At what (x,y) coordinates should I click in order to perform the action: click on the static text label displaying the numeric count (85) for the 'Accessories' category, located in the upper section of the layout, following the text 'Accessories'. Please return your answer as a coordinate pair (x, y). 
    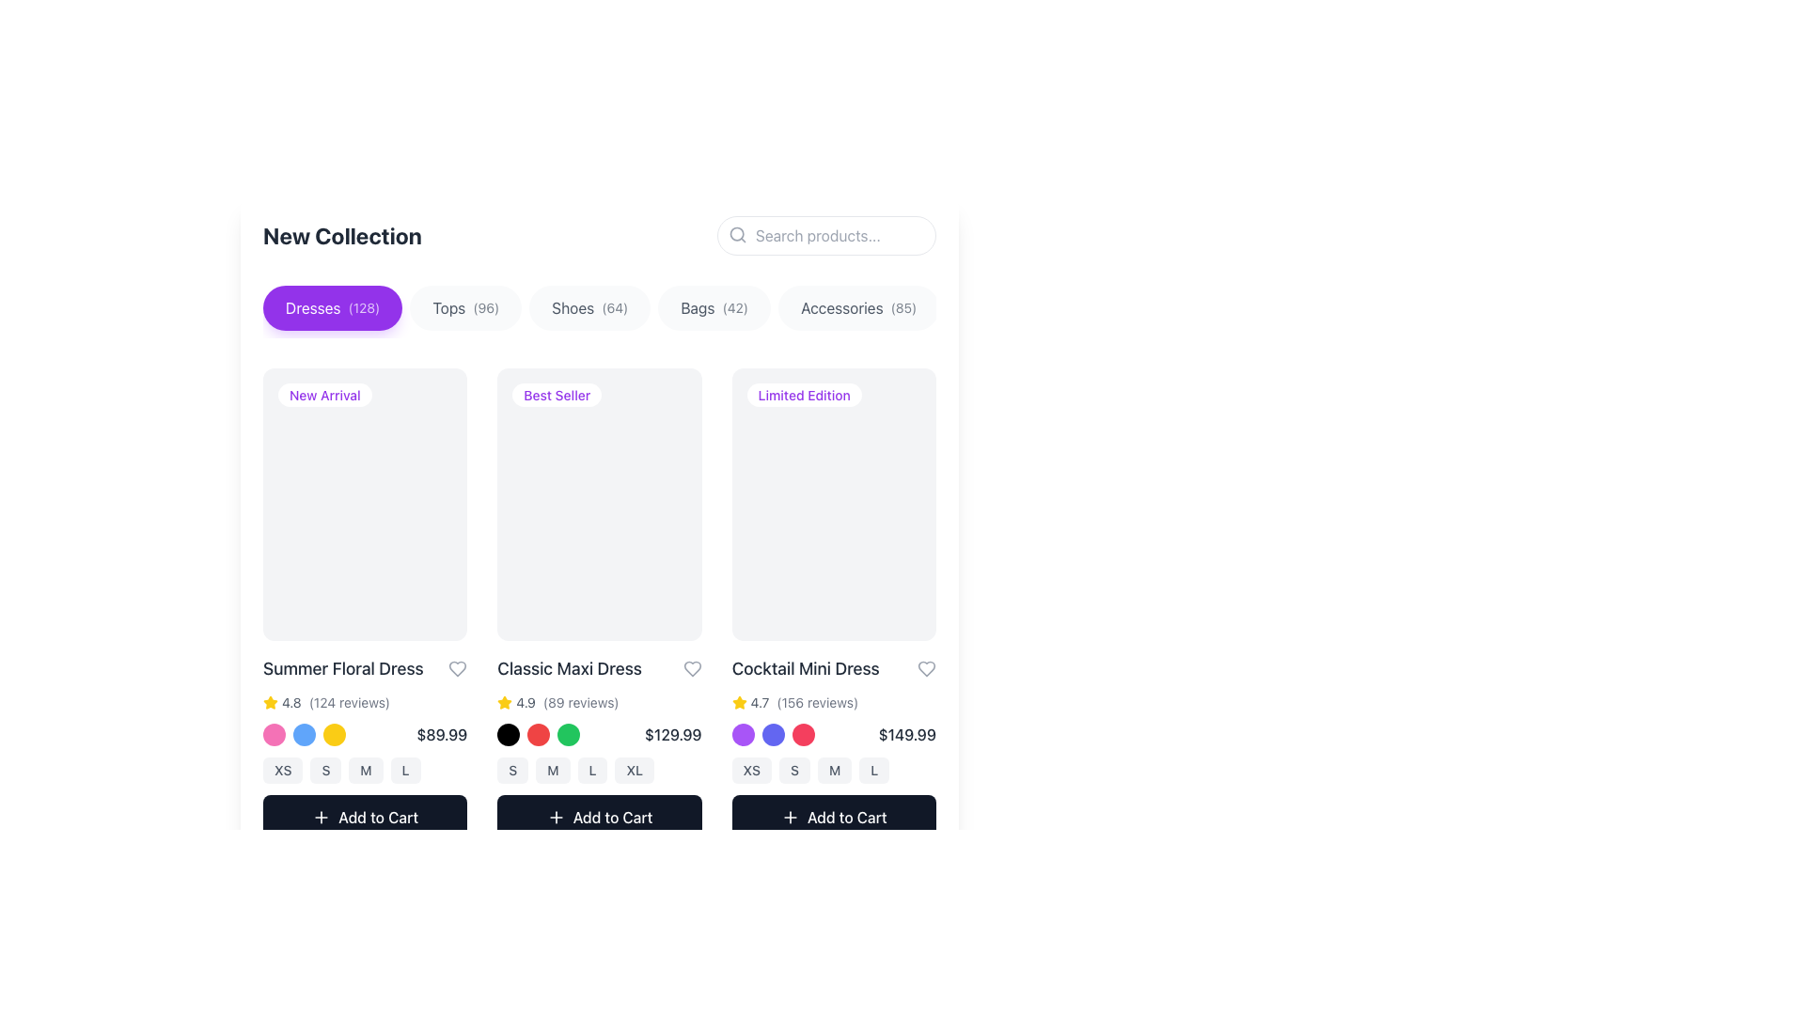
    Looking at the image, I should click on (903, 306).